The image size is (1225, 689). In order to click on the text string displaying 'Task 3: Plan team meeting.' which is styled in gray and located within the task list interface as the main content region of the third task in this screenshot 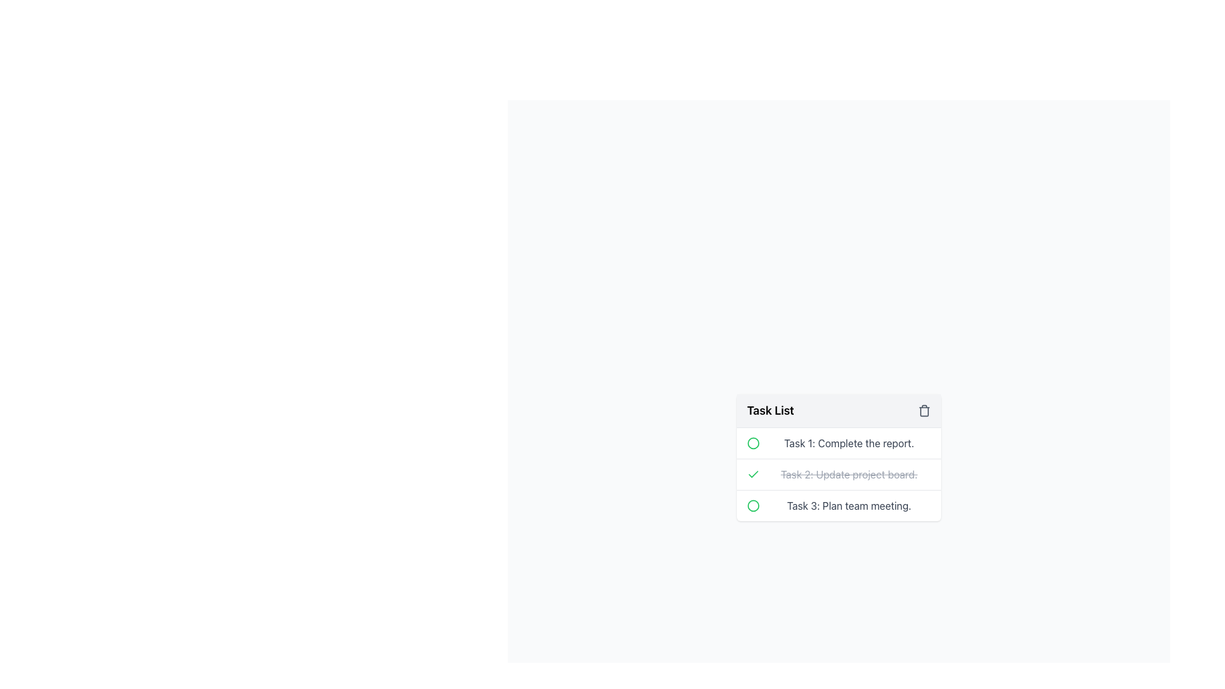, I will do `click(849, 504)`.